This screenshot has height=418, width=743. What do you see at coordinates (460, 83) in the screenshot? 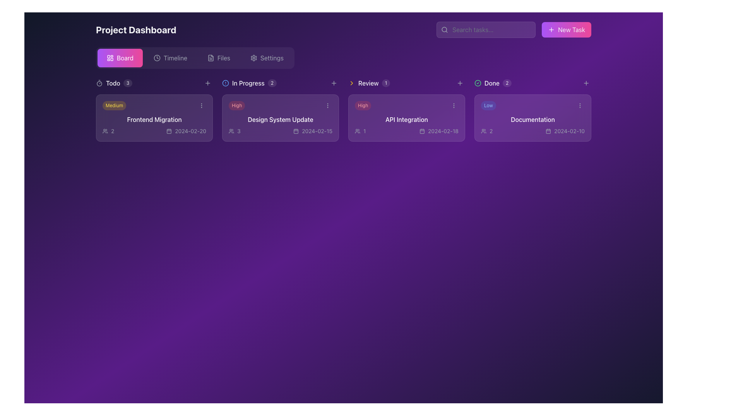
I see `the button located between the 'Review' and 'Done' sections in the project dashboard` at bounding box center [460, 83].